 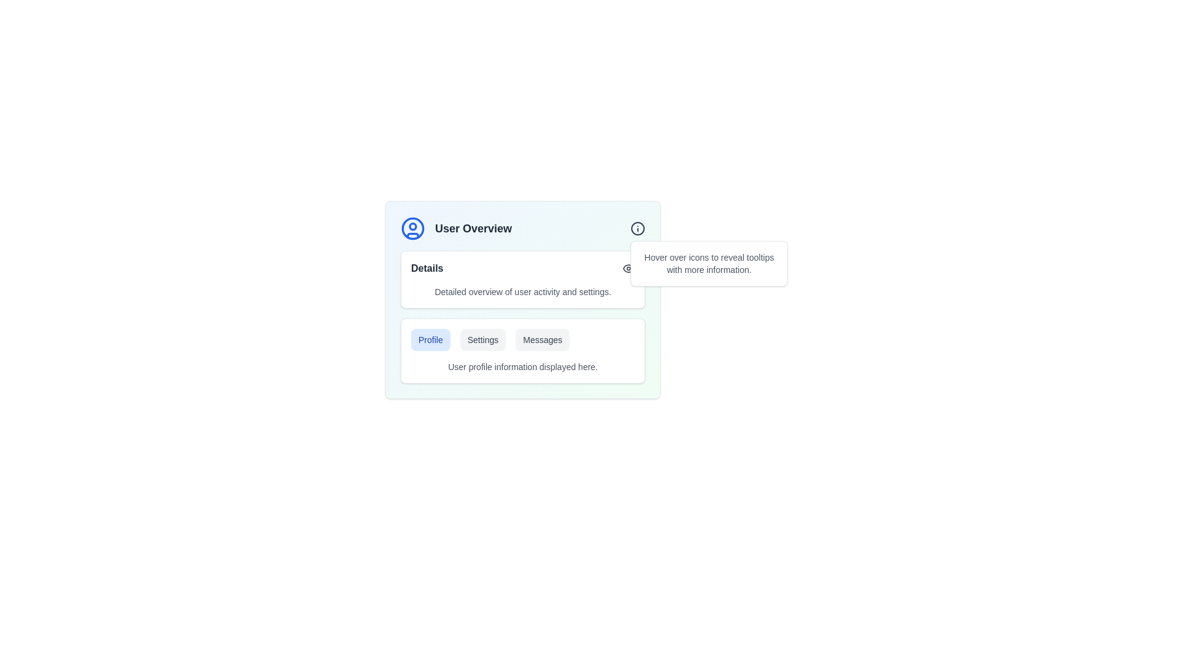 I want to click on the static text display located at the bottom of the user profile section, below the buttons labeled 'Profile,' 'Settings,' and 'Messages.', so click(x=522, y=366).